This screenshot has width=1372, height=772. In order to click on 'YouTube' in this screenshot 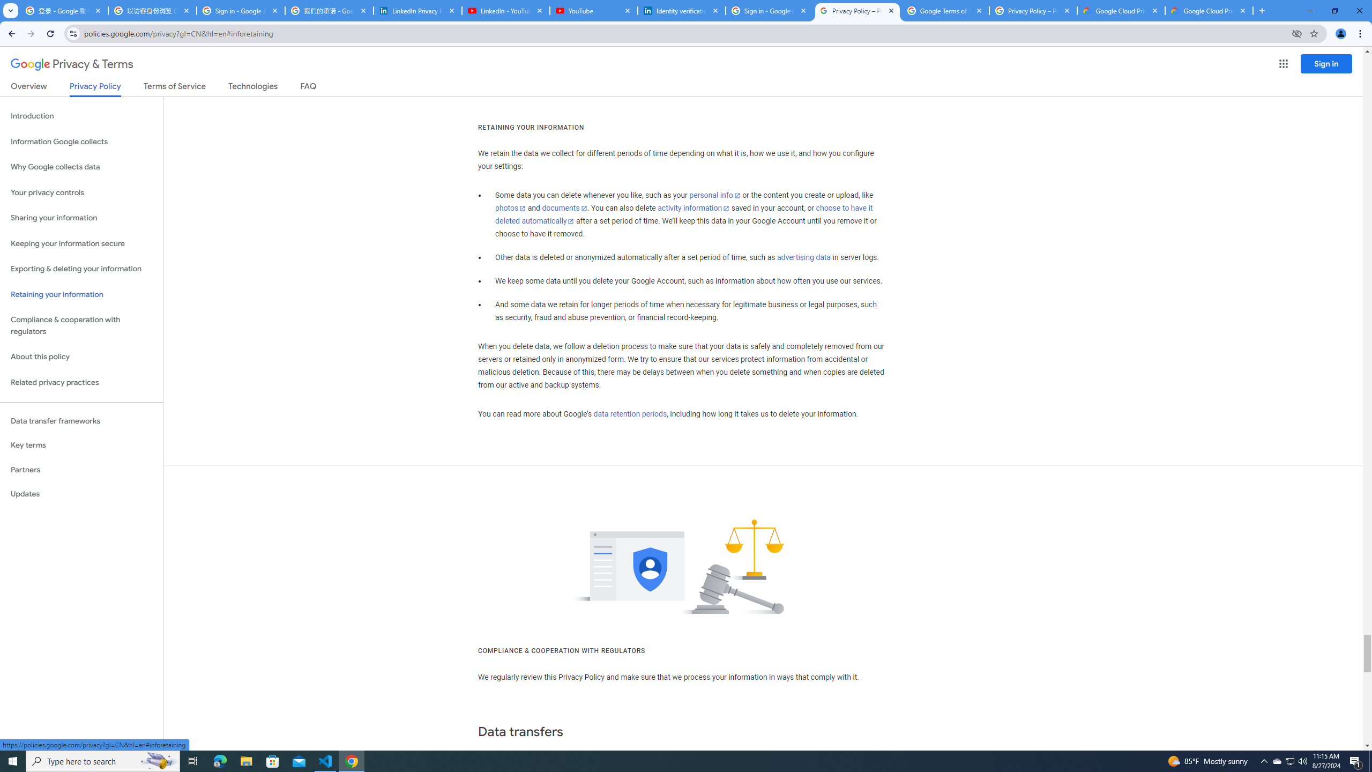, I will do `click(593, 10)`.